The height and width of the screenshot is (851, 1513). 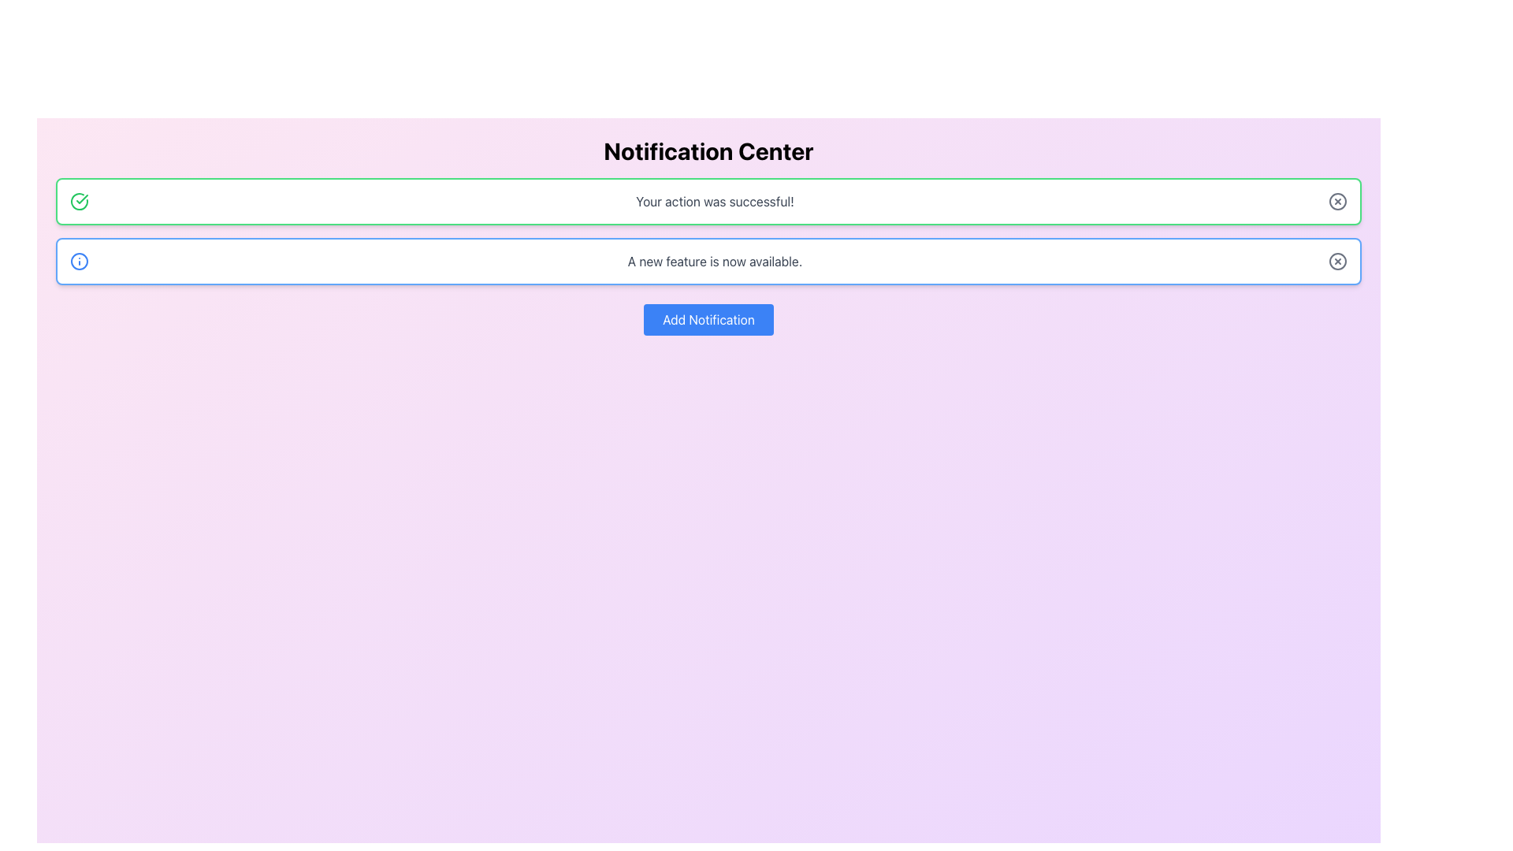 What do you see at coordinates (78, 200) in the screenshot?
I see `the circular green checkmark icon located in the top-left corner of the notification card, indicating a successful action` at bounding box center [78, 200].